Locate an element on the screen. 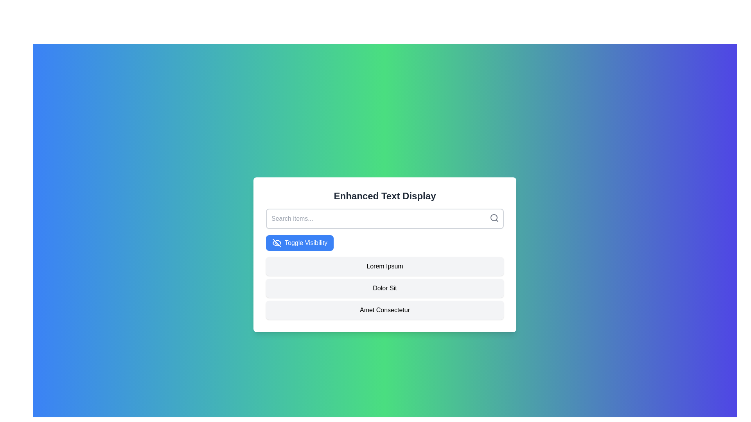 The width and height of the screenshot is (751, 422). the visibility icon located to the left of the text within the 'Toggle Visibility' button, situated below the search bar is located at coordinates (277, 242).